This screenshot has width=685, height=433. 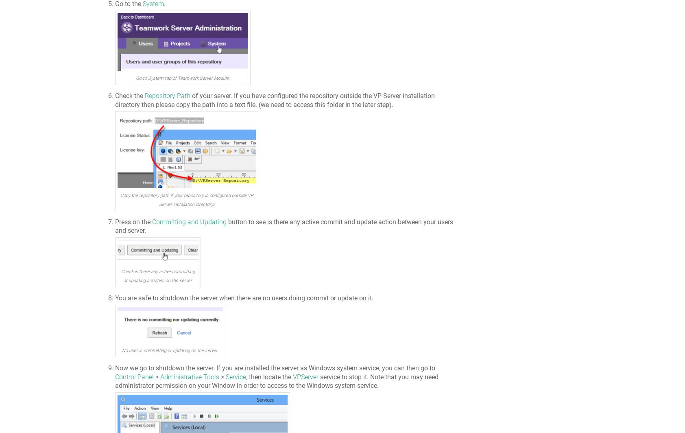 I want to click on 'Copy the repository path if your repository is configured outside VP Server installation directory/', so click(x=186, y=200).